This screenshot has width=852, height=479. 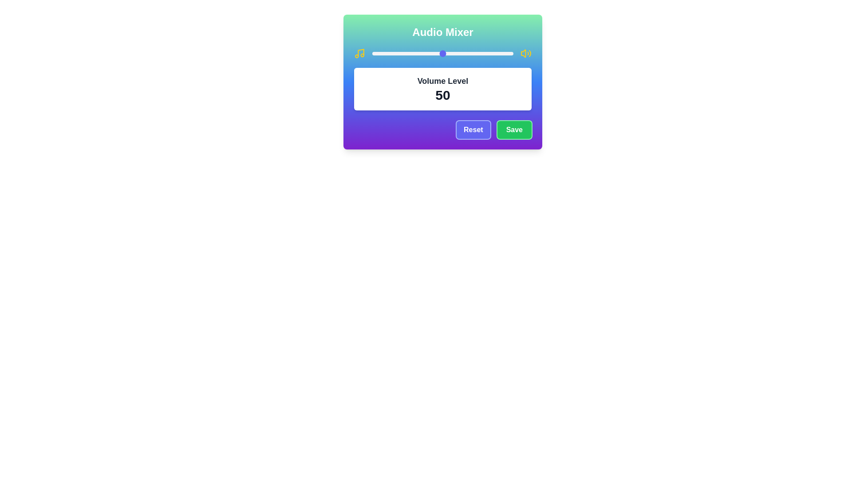 I want to click on the volume level, so click(x=403, y=53).